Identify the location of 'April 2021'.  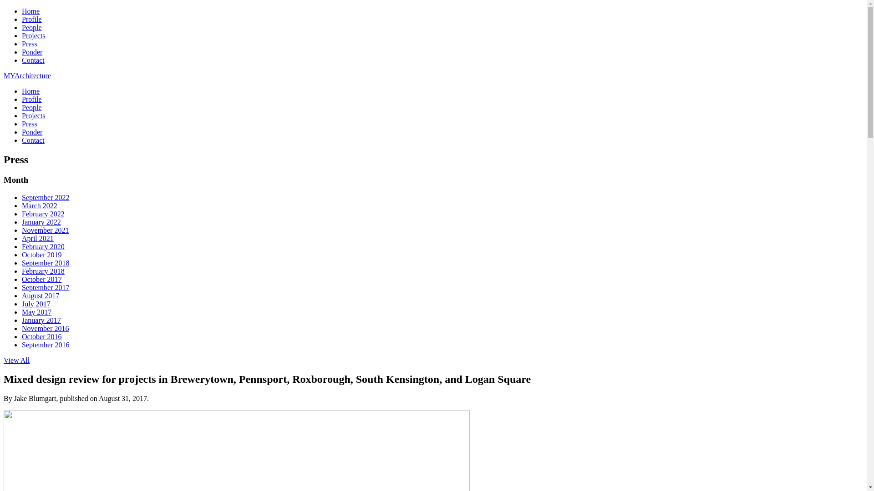
(37, 238).